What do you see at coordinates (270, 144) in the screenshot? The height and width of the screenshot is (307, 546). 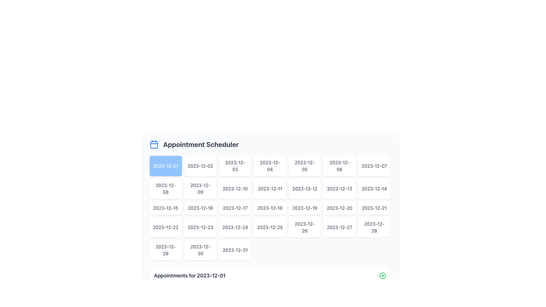 I see `title of the appointment scheduler located at the top of the main content area, above the grid of selectable dates` at bounding box center [270, 144].